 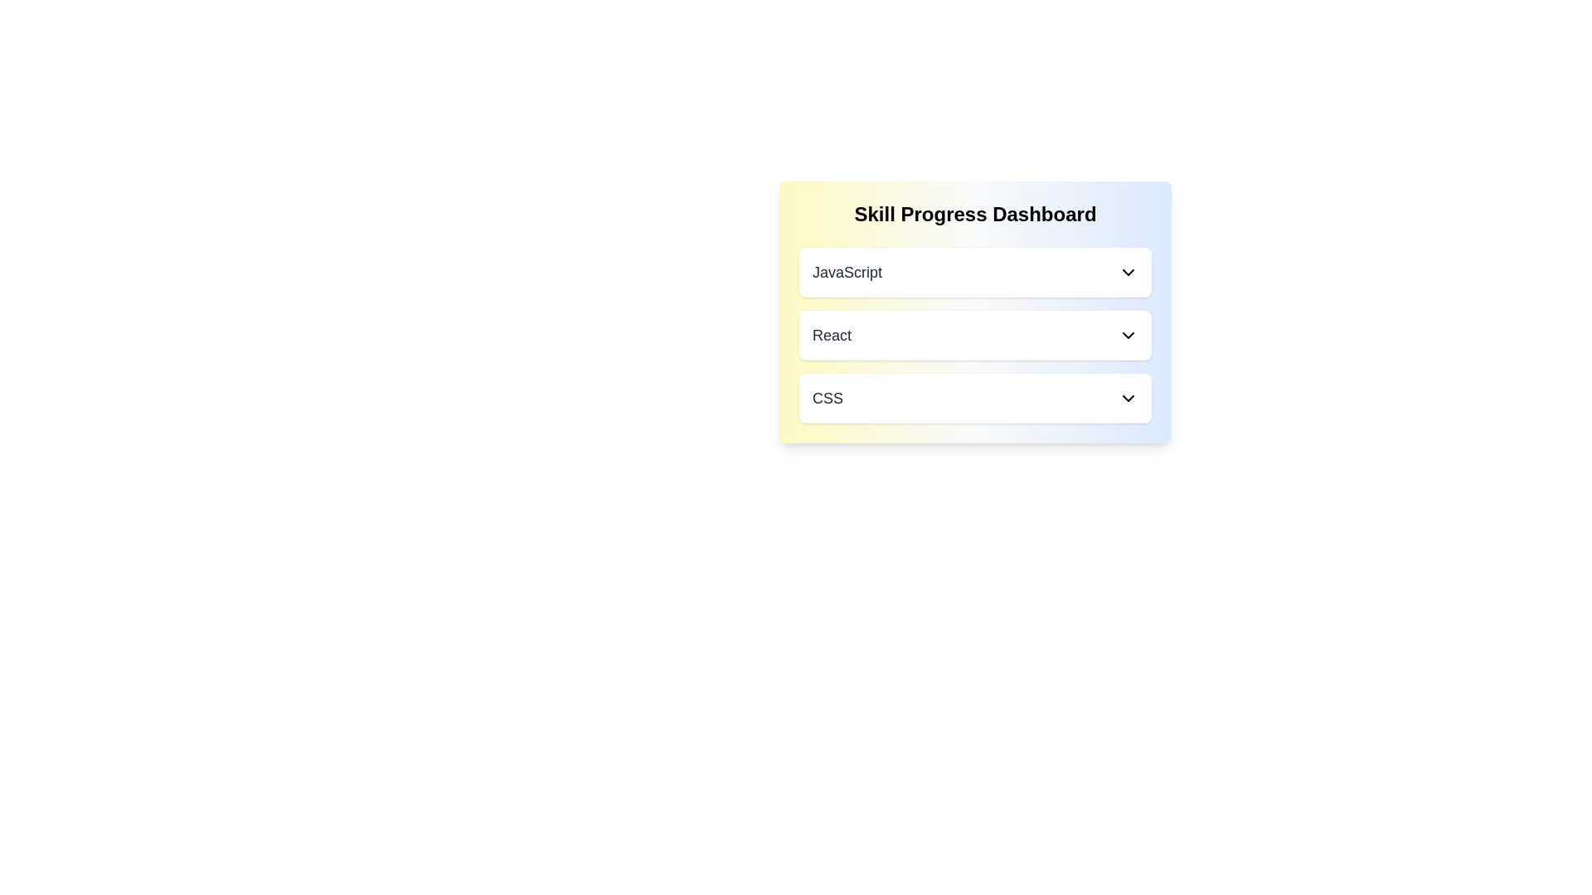 I want to click on the Text label that displays the current selected value of the bottom dropdown, located to the left of the chevron-down icon, so click(x=828, y=399).